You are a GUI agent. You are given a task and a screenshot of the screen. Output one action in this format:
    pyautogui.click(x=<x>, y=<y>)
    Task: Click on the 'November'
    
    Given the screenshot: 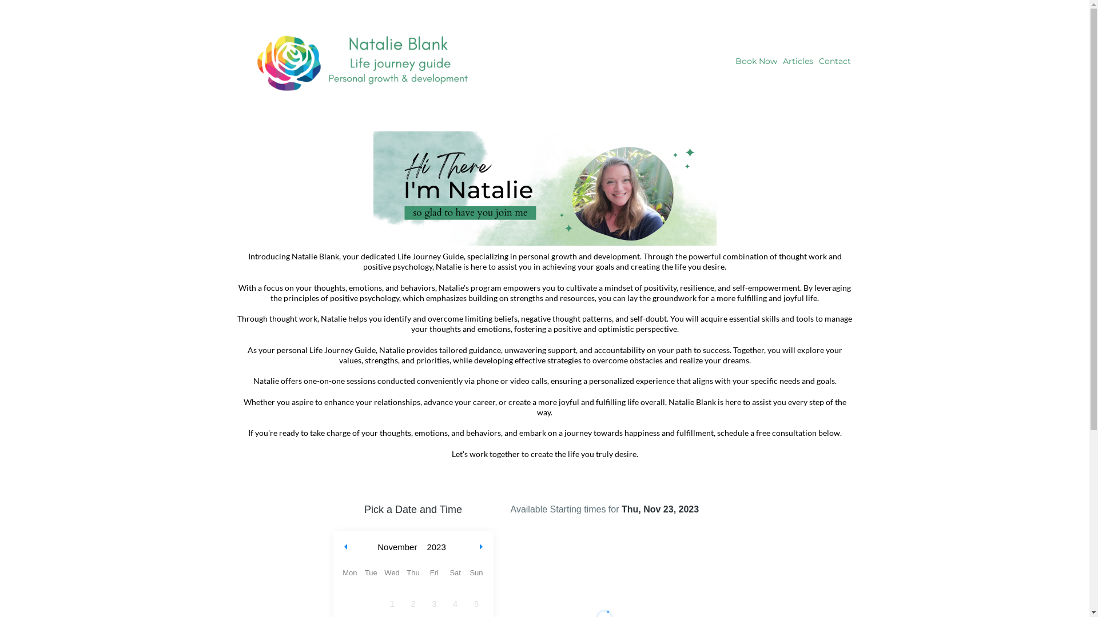 What is the action you would take?
    pyautogui.click(x=397, y=546)
    